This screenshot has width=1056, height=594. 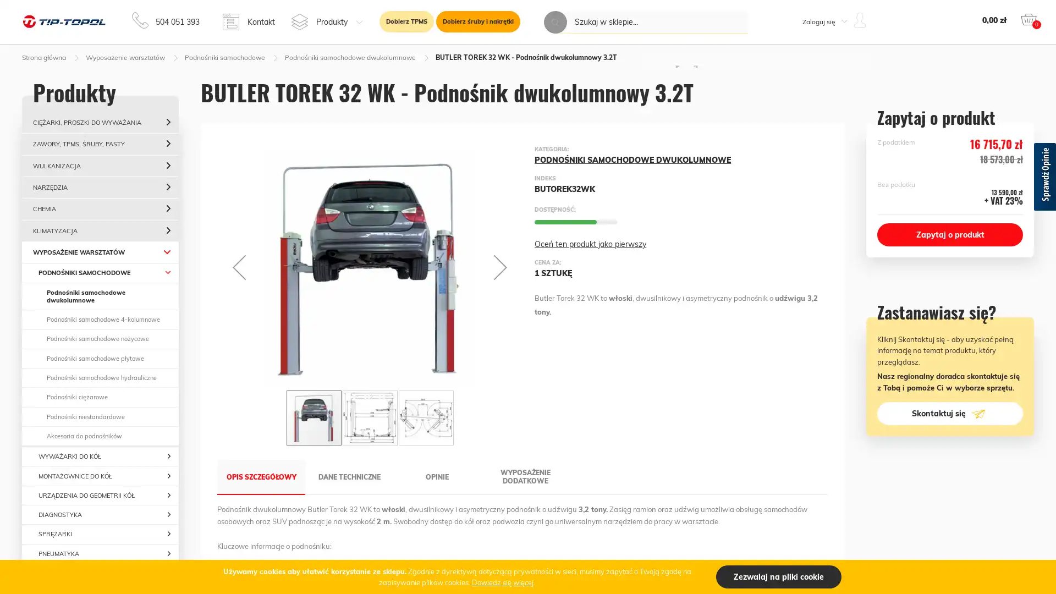 I want to click on Previous, so click(x=224, y=417).